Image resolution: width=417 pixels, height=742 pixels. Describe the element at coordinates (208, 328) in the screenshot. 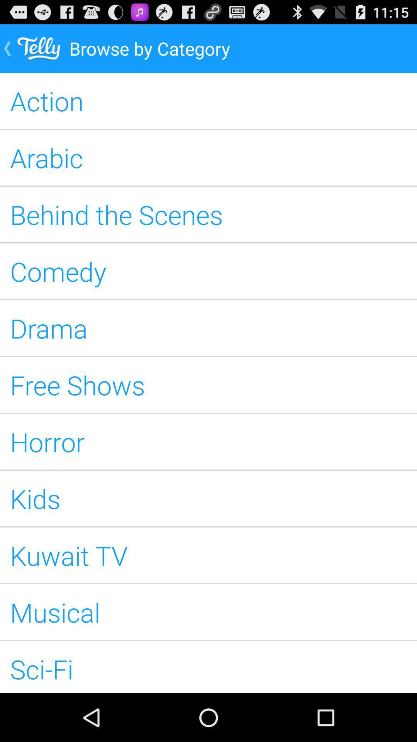

I see `the app above free shows item` at that location.